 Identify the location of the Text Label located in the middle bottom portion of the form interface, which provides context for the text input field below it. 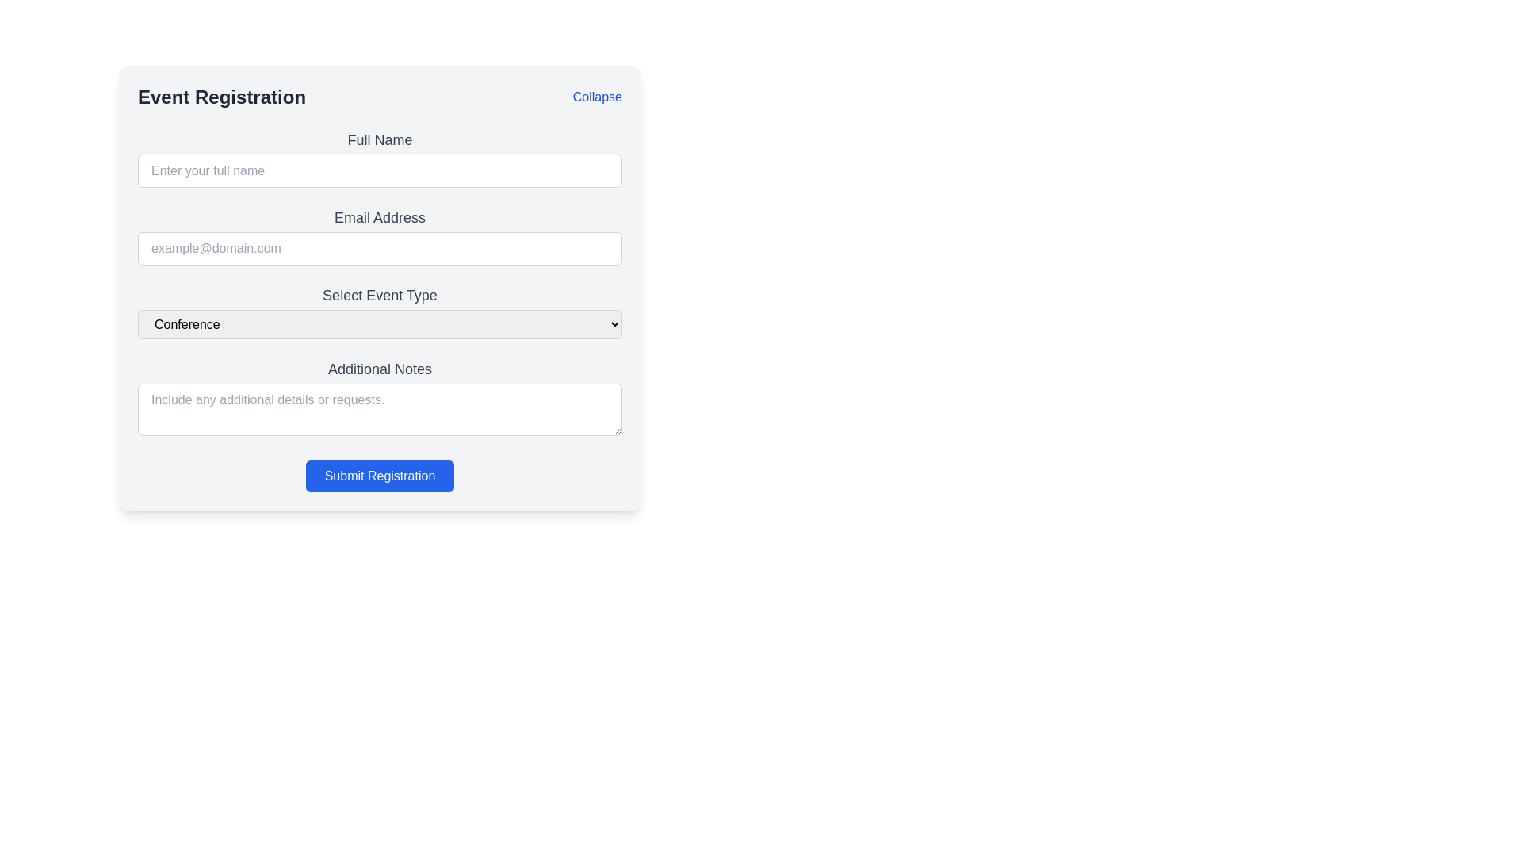
(379, 369).